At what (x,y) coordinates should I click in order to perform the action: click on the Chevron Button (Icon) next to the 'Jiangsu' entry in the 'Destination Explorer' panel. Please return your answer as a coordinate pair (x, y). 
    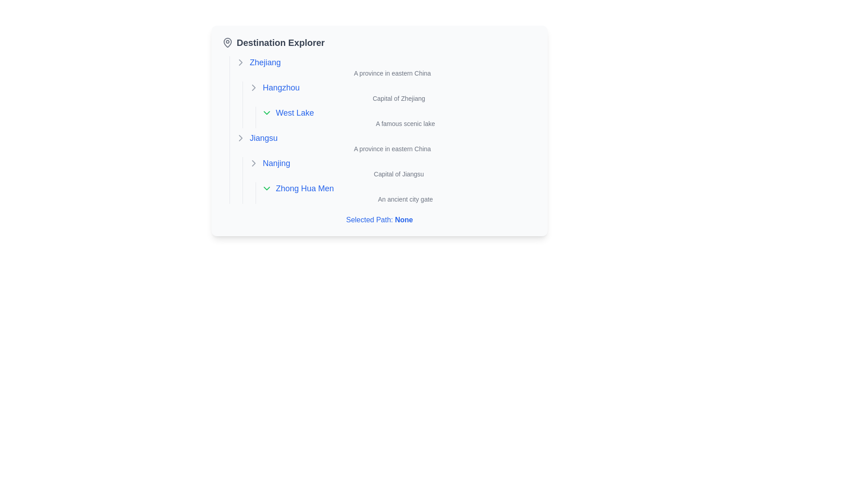
    Looking at the image, I should click on (240, 138).